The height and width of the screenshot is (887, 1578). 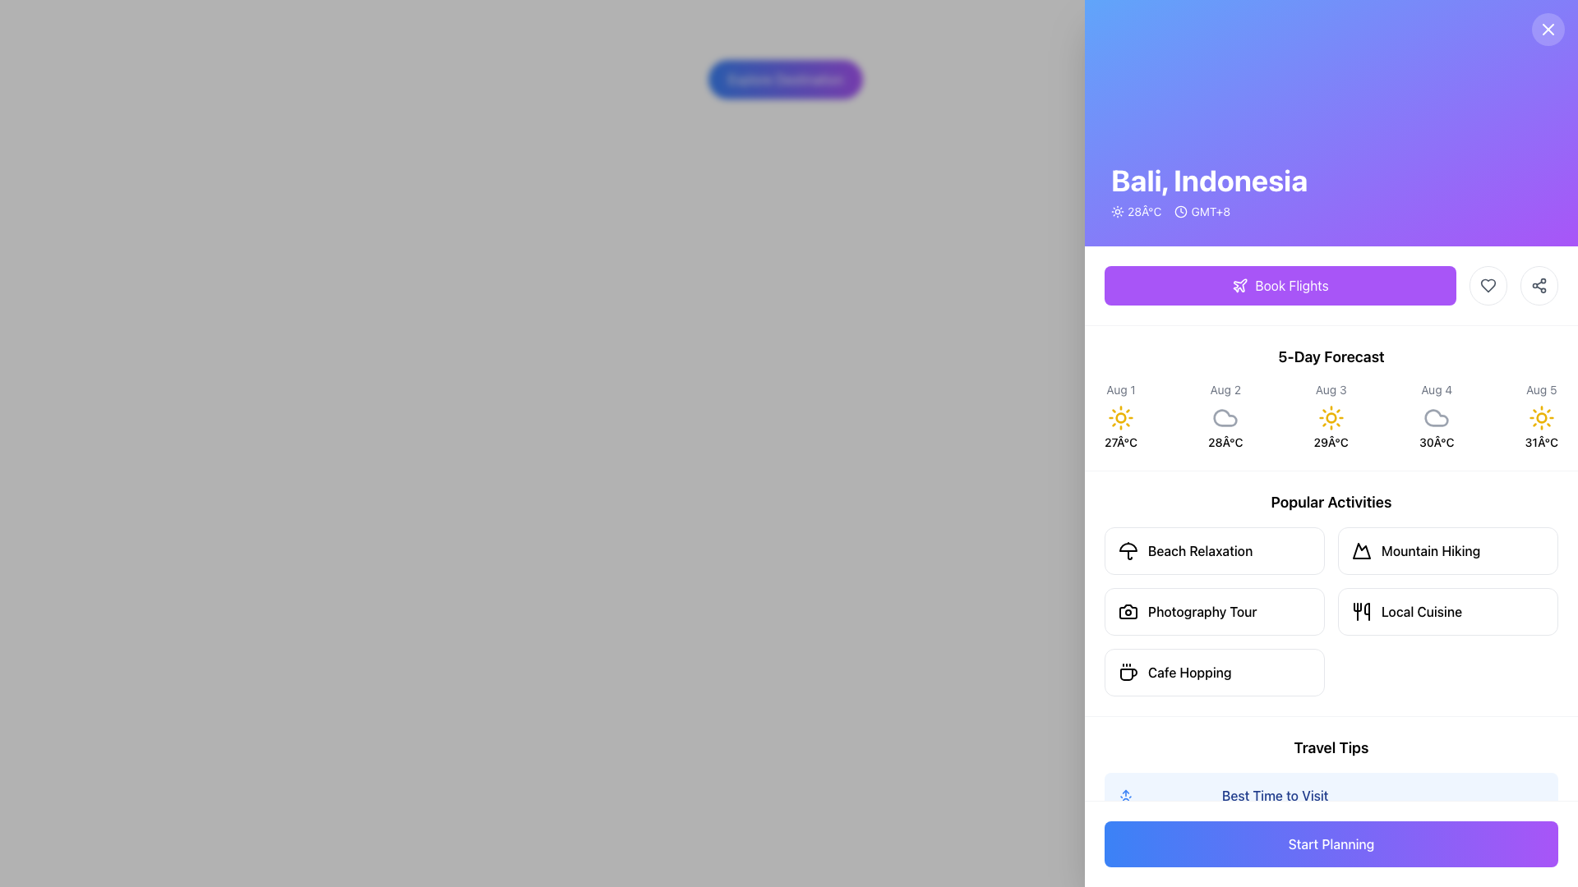 I want to click on the sunny weather icon in the '5-Day Forecast' section that represents the forecast for August 5, so click(x=1540, y=417).